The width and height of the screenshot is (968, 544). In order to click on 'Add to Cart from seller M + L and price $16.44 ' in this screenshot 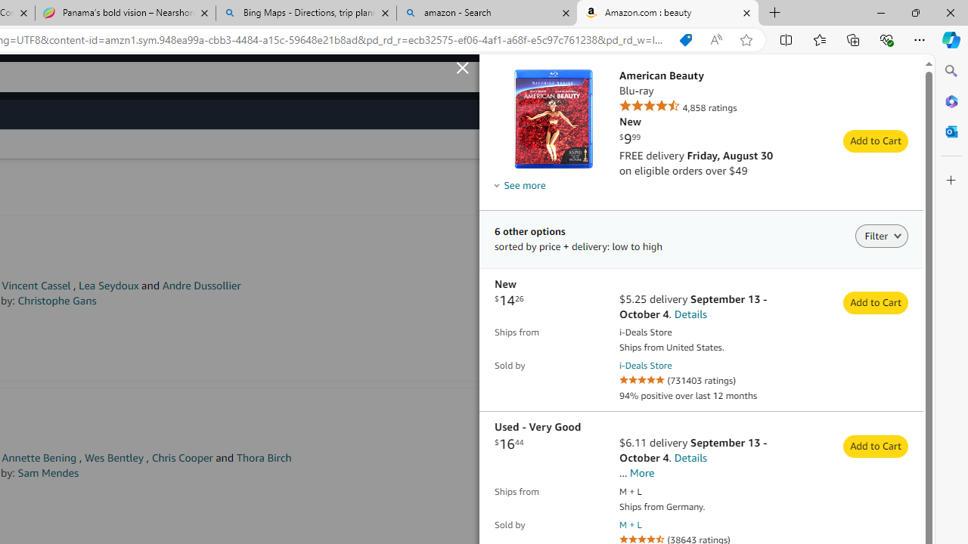, I will do `click(876, 446)`.